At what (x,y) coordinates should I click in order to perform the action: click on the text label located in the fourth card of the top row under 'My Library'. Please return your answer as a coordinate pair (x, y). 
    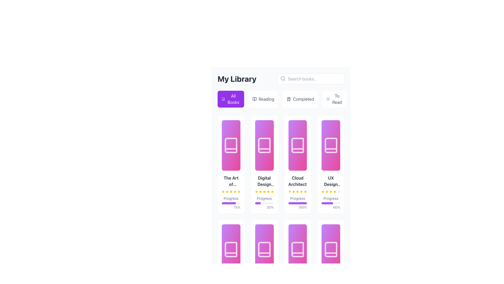
    Looking at the image, I should click on (330, 181).